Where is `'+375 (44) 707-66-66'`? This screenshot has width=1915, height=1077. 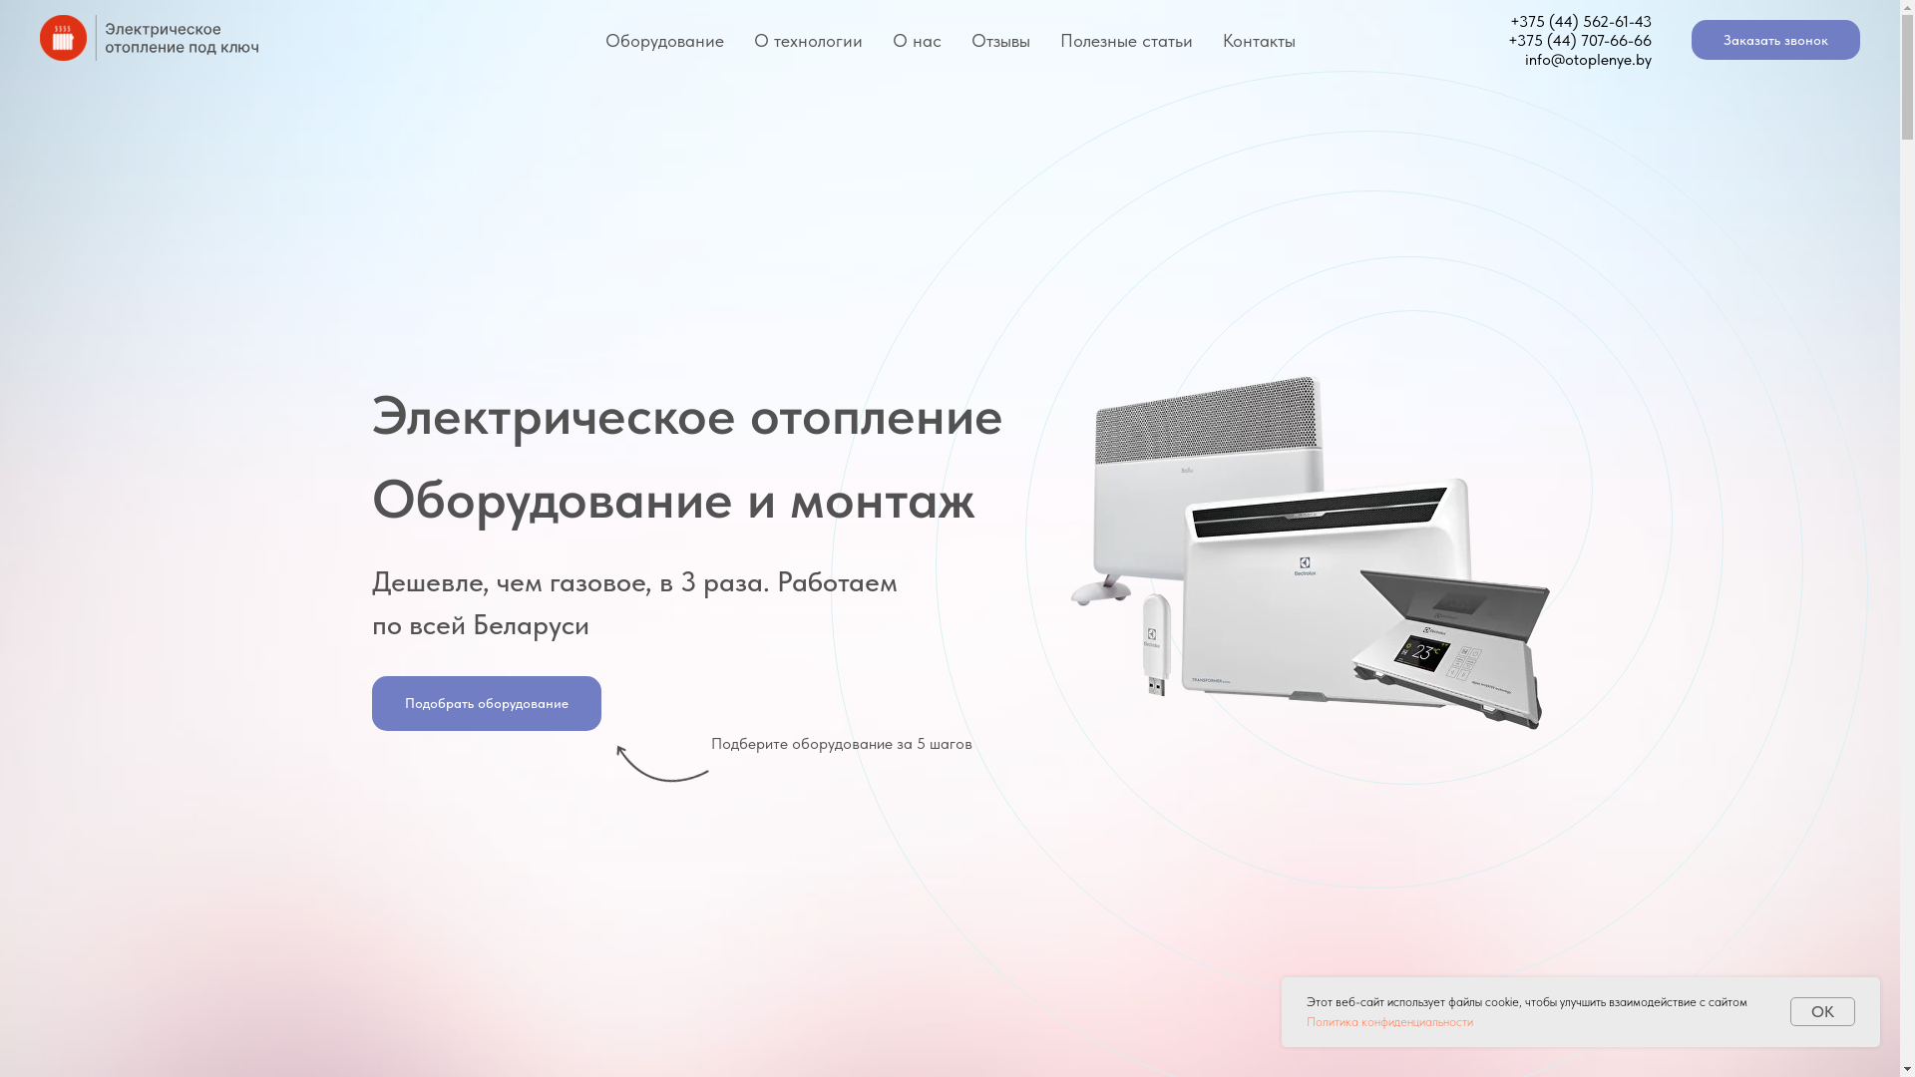 '+375 (44) 707-66-66' is located at coordinates (1579, 39).